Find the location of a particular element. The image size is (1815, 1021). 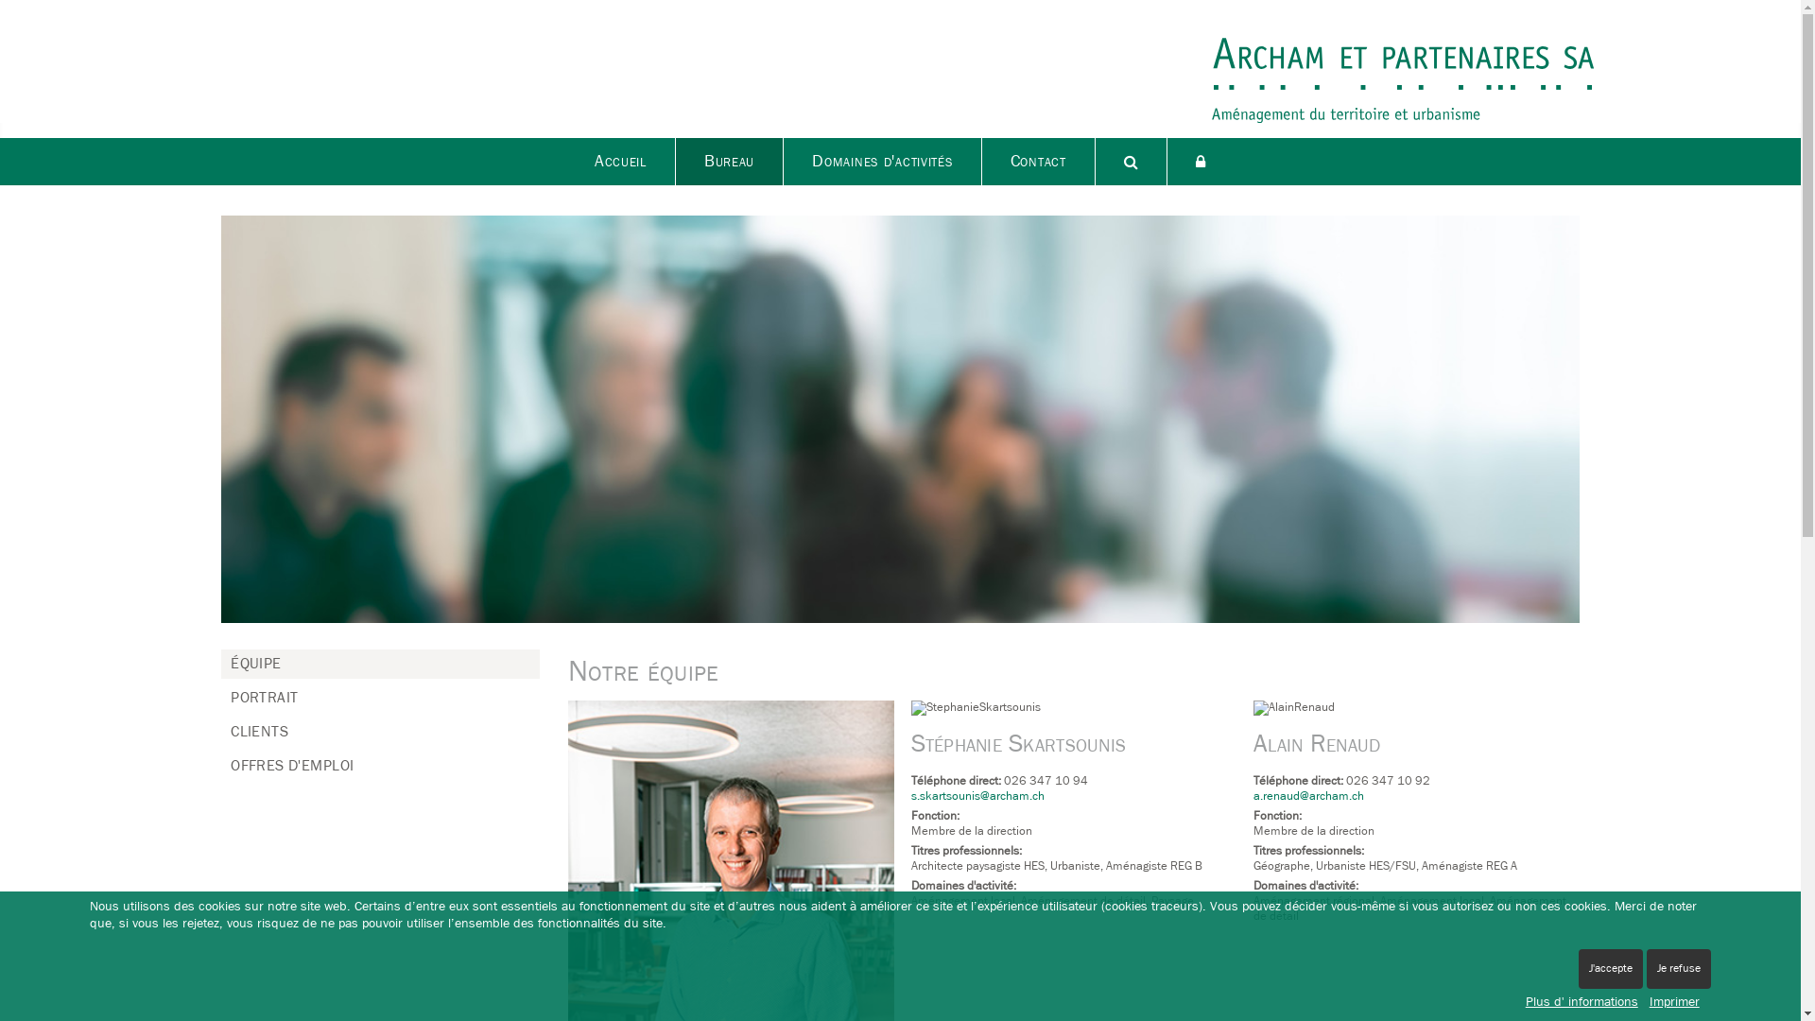

'Contact' is located at coordinates (1038, 160).